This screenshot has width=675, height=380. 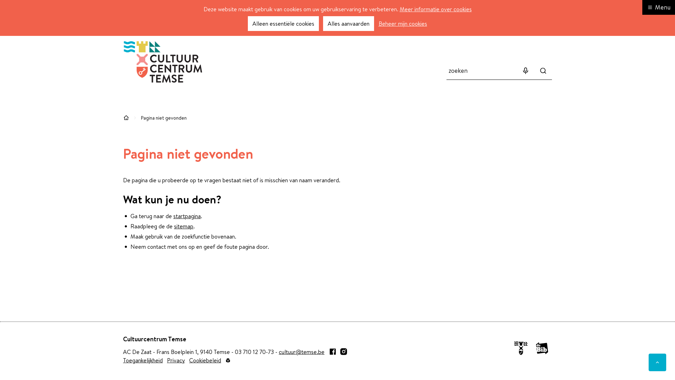 I want to click on 'startpagina', so click(x=187, y=215).